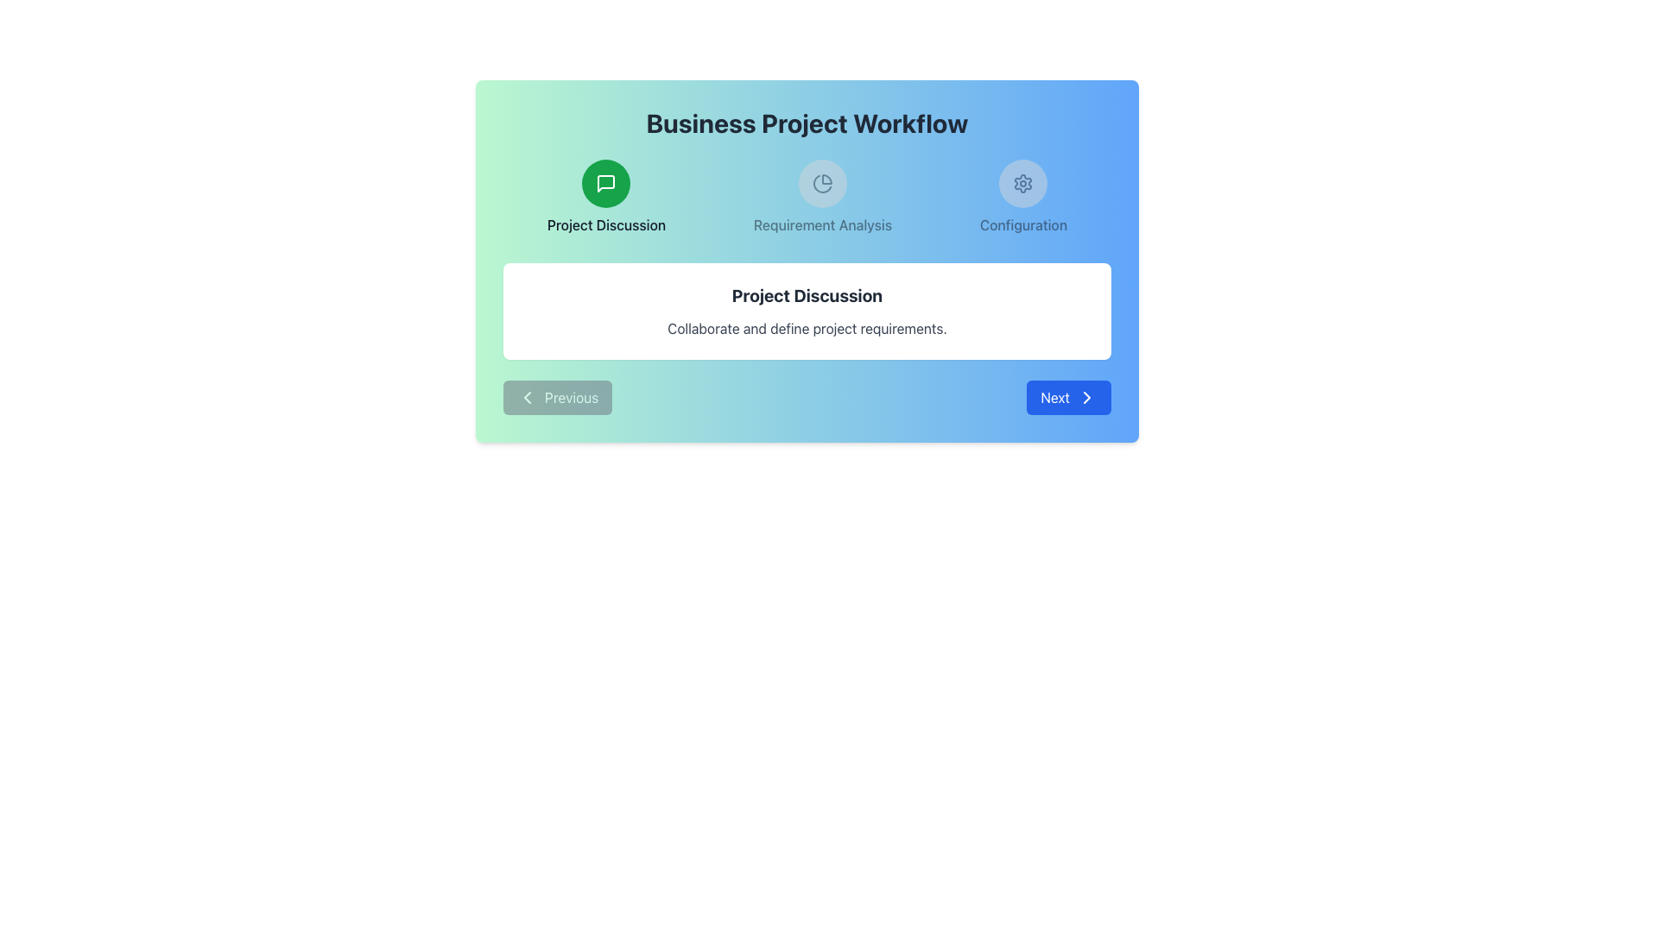  What do you see at coordinates (807, 196) in the screenshot?
I see `the second segment of the Progress bar representing the 'Requirement Analysis' stage in the Business Project Workflow card interface` at bounding box center [807, 196].